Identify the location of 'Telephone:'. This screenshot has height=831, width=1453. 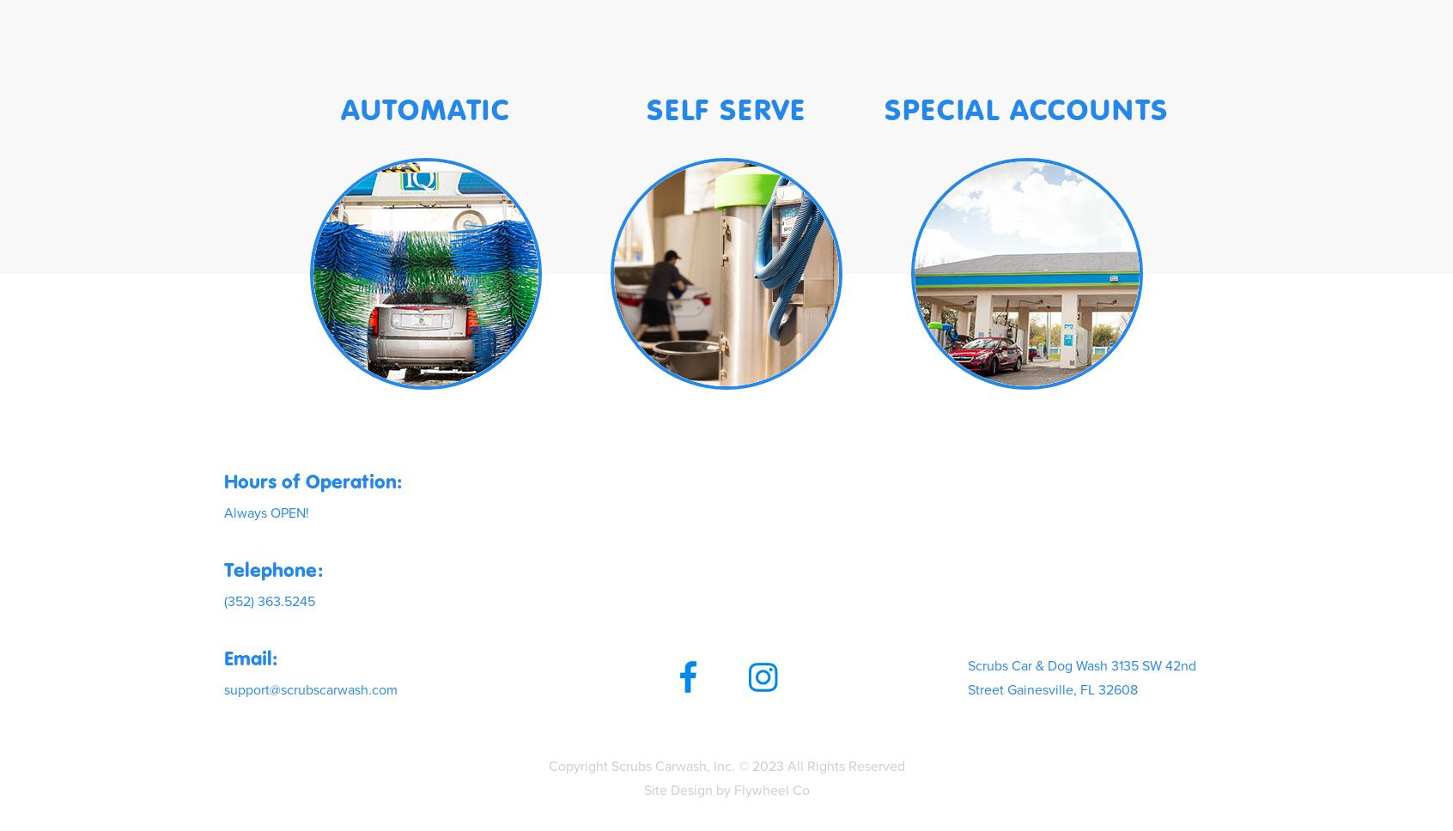
(272, 568).